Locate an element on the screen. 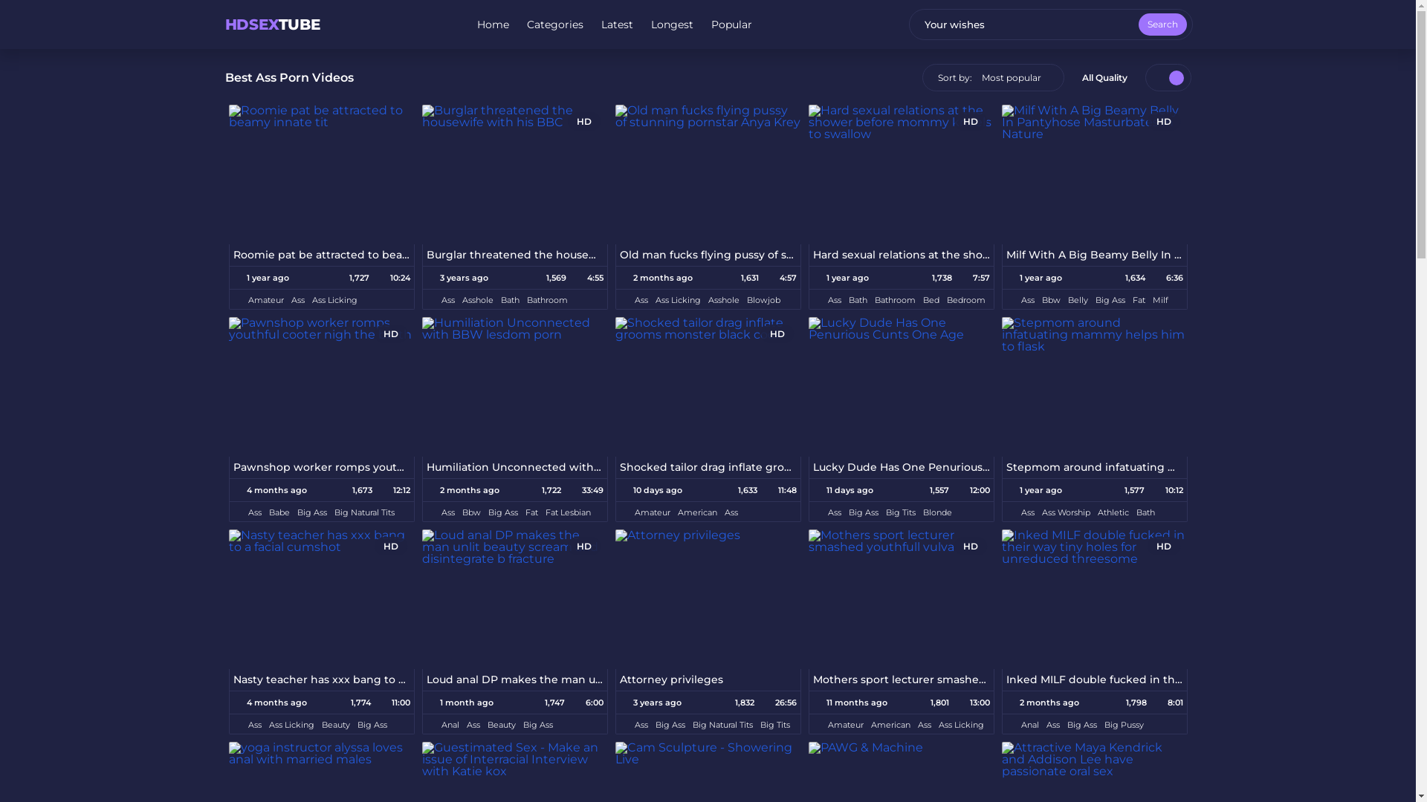 Image resolution: width=1427 pixels, height=802 pixels. 'Beauty' is located at coordinates (334, 724).